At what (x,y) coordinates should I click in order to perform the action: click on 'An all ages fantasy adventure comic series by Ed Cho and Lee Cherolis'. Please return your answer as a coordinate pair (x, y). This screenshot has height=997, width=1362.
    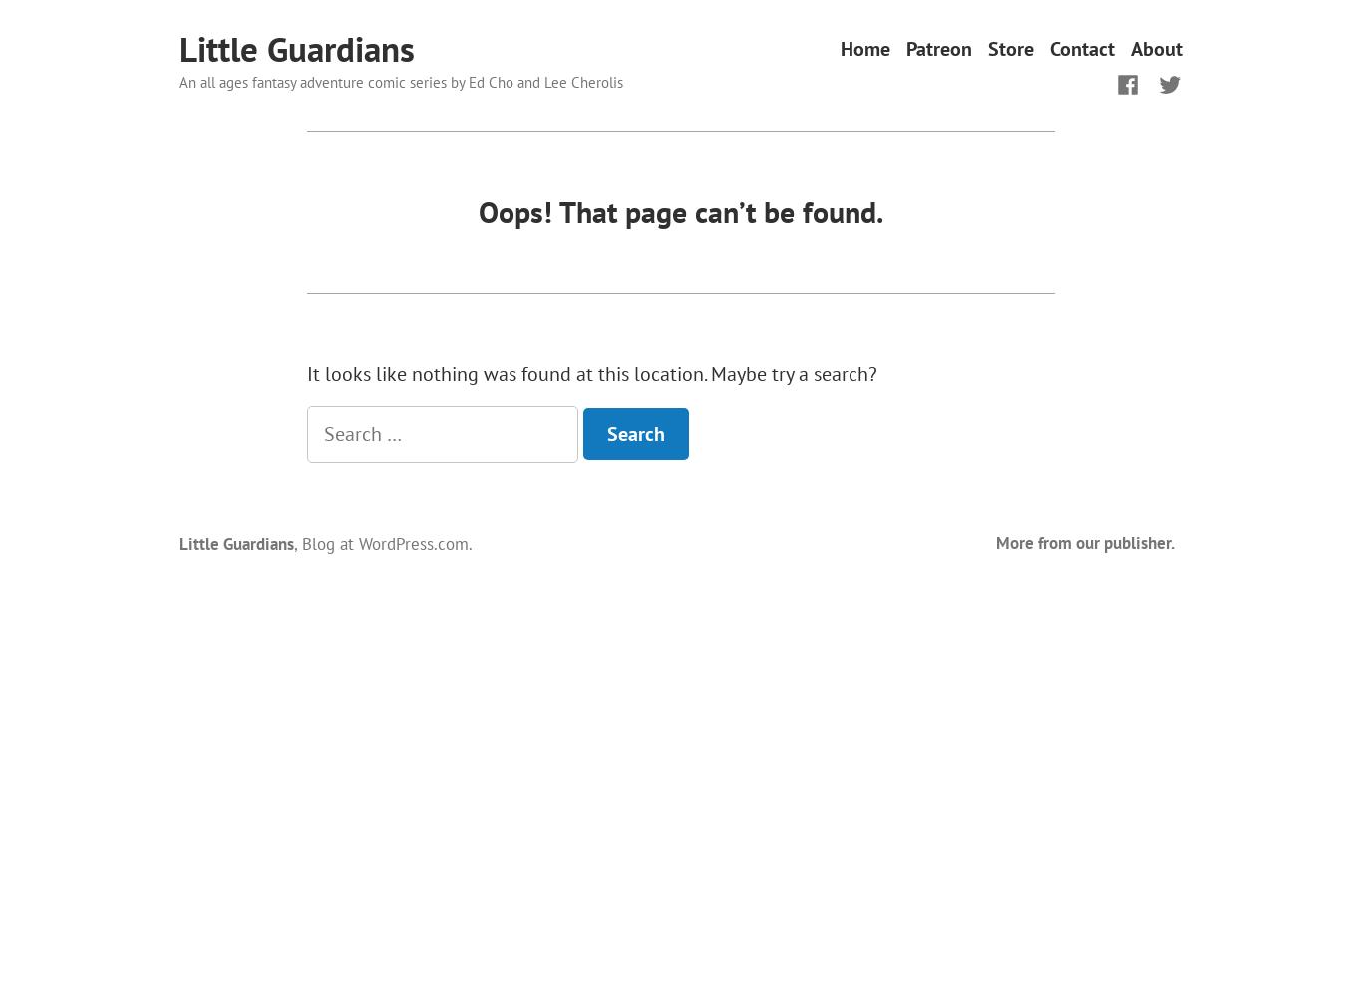
    Looking at the image, I should click on (400, 80).